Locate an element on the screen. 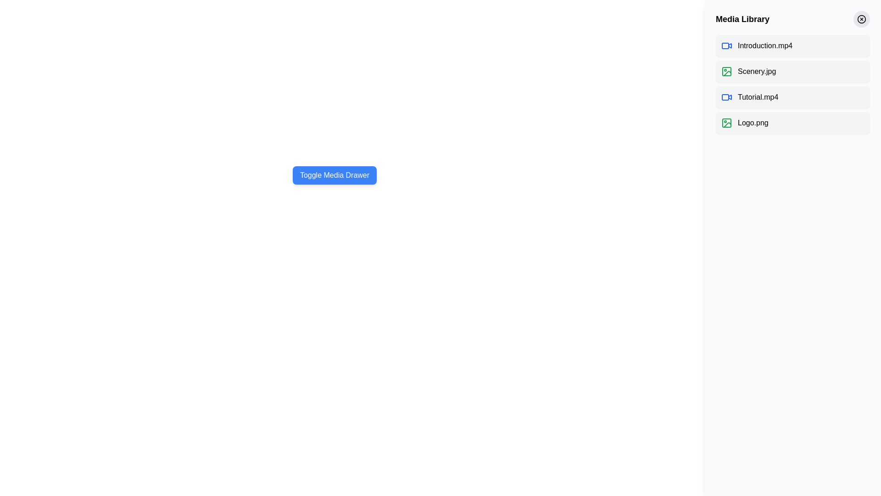 The height and width of the screenshot is (496, 881). the small, circular gray button with a close icon located in the top-right corner of the 'Media Library' section is located at coordinates (861, 19).